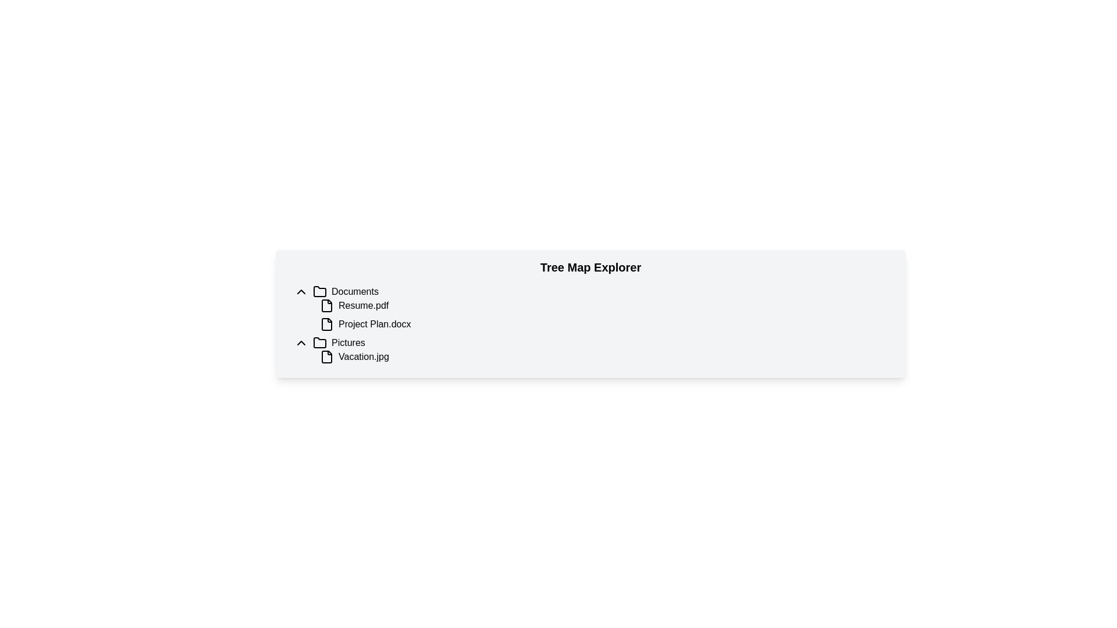  Describe the element at coordinates (320, 342) in the screenshot. I see `the 'Pictures' folder icon in the file tree` at that location.